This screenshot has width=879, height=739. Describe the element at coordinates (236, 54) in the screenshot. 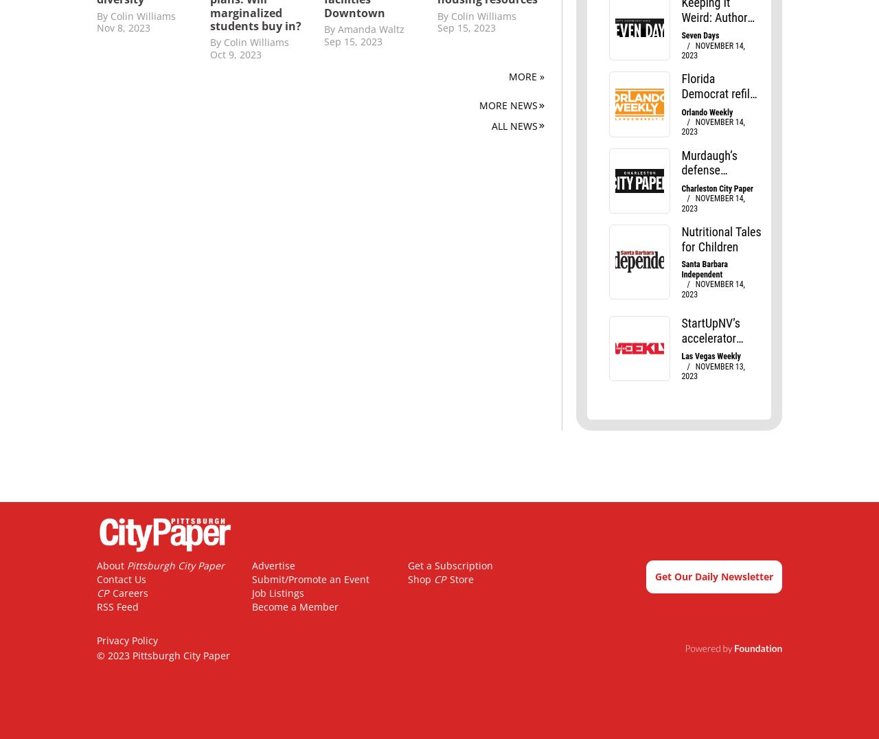

I see `'Oct 9, 2023'` at that location.